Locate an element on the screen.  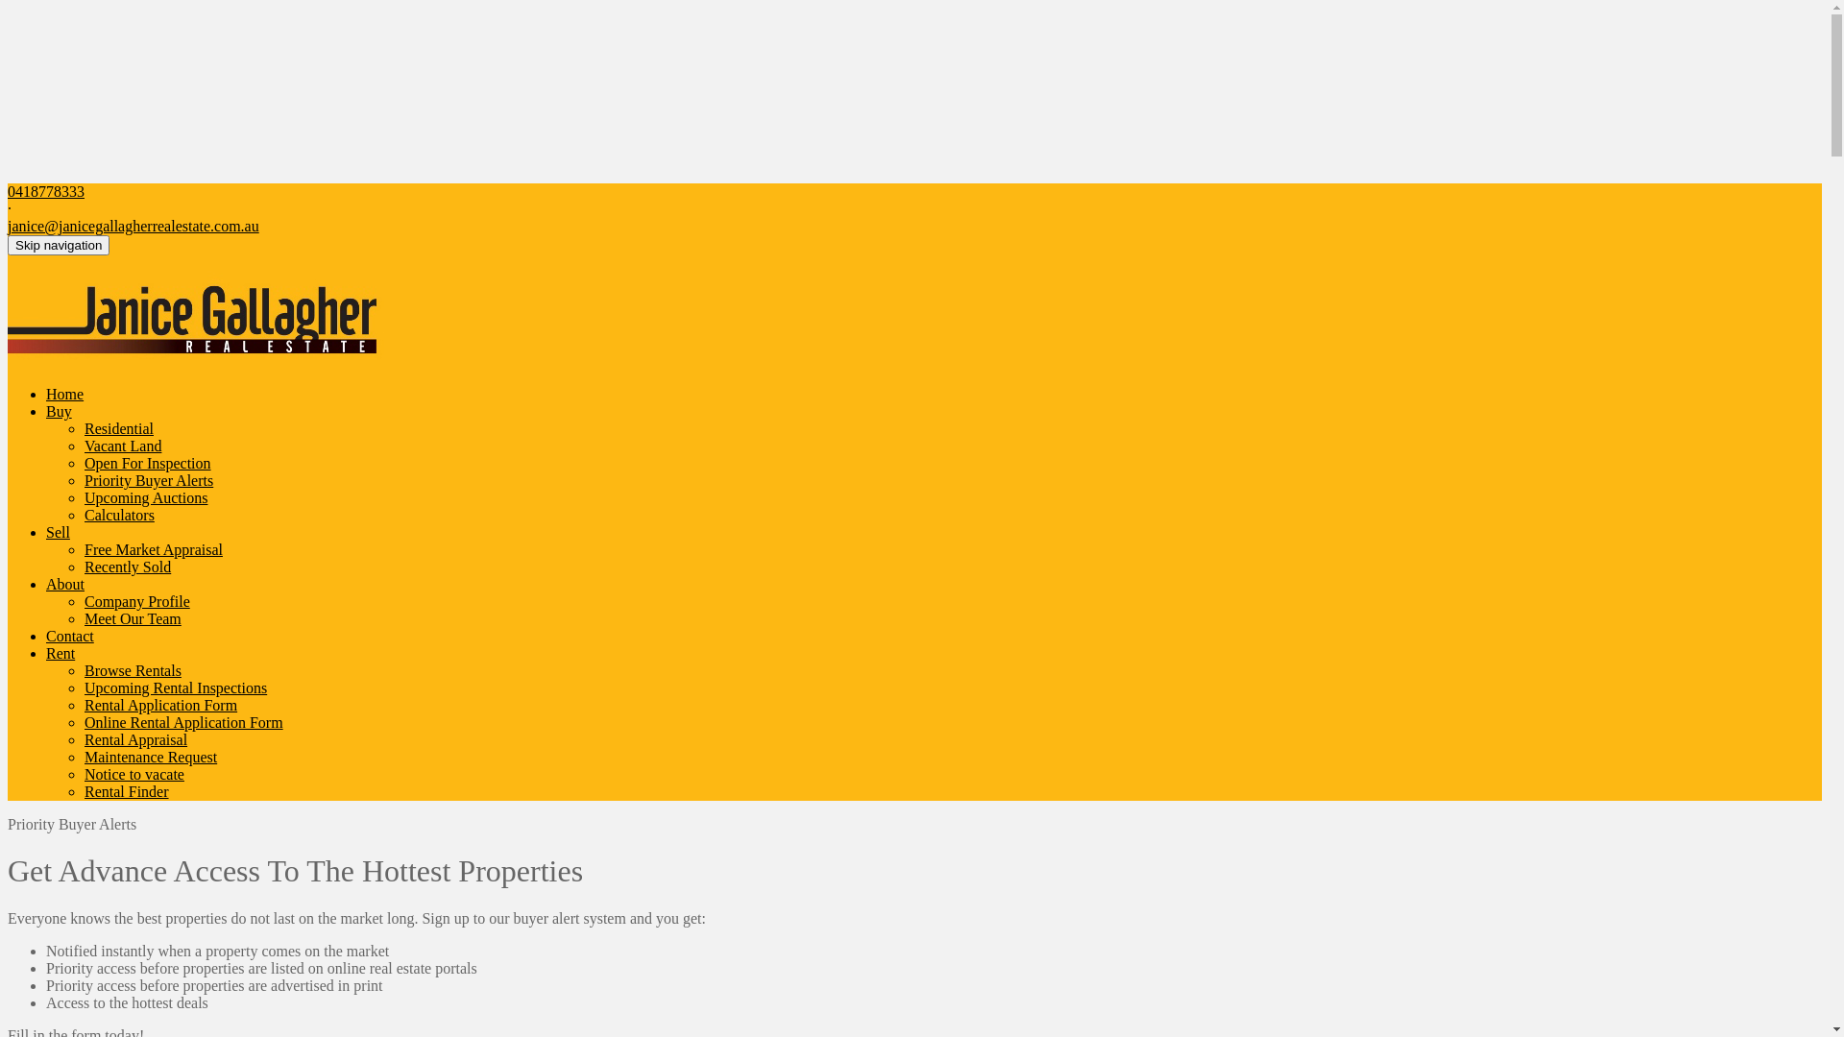
'Residential' is located at coordinates (83, 427).